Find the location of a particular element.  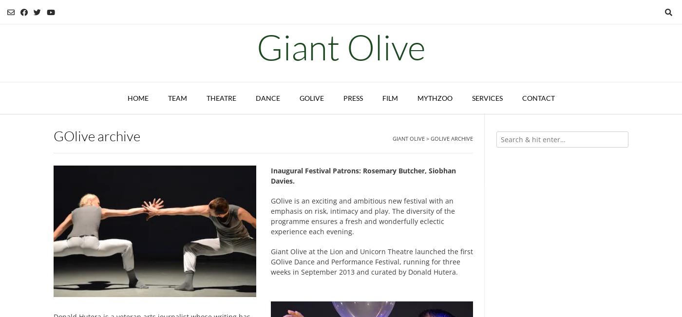

'>' is located at coordinates (427, 138).